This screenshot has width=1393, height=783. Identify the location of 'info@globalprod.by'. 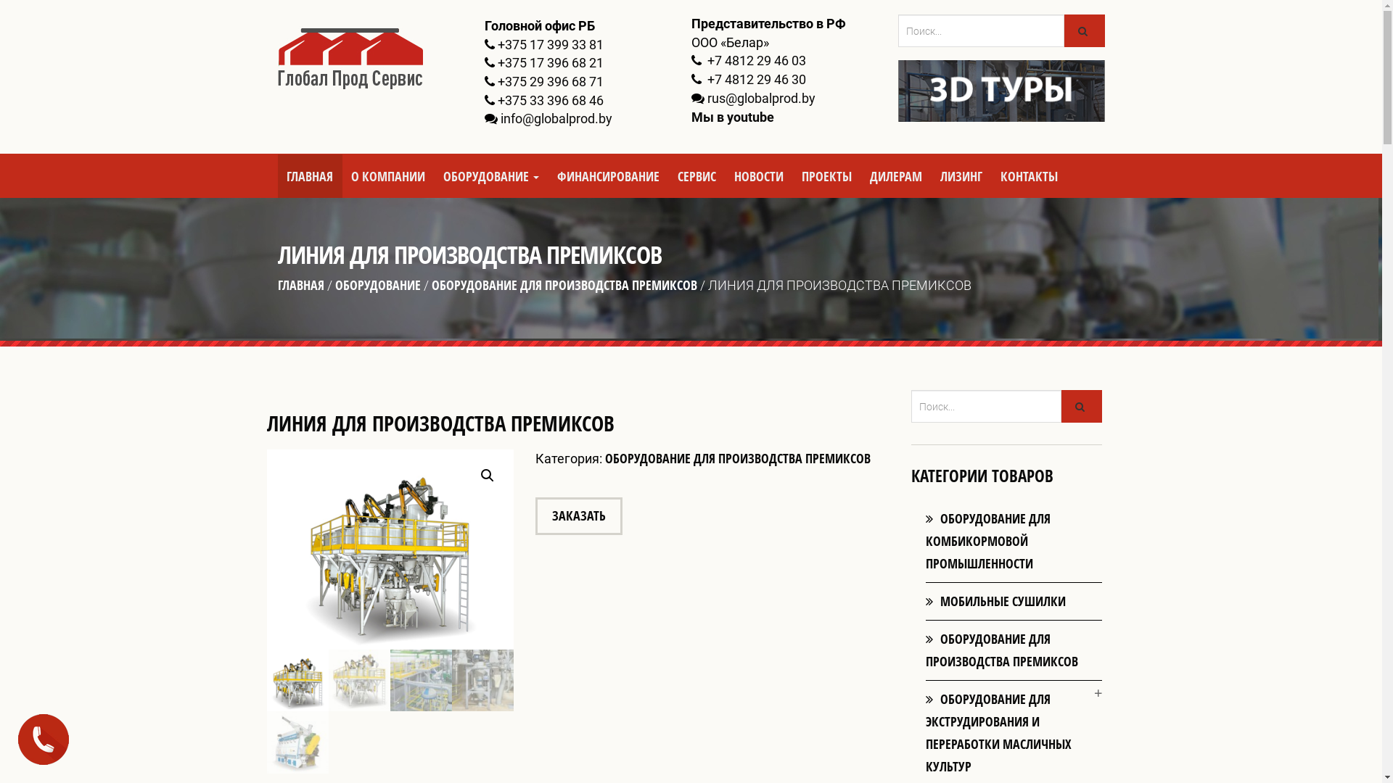
(556, 117).